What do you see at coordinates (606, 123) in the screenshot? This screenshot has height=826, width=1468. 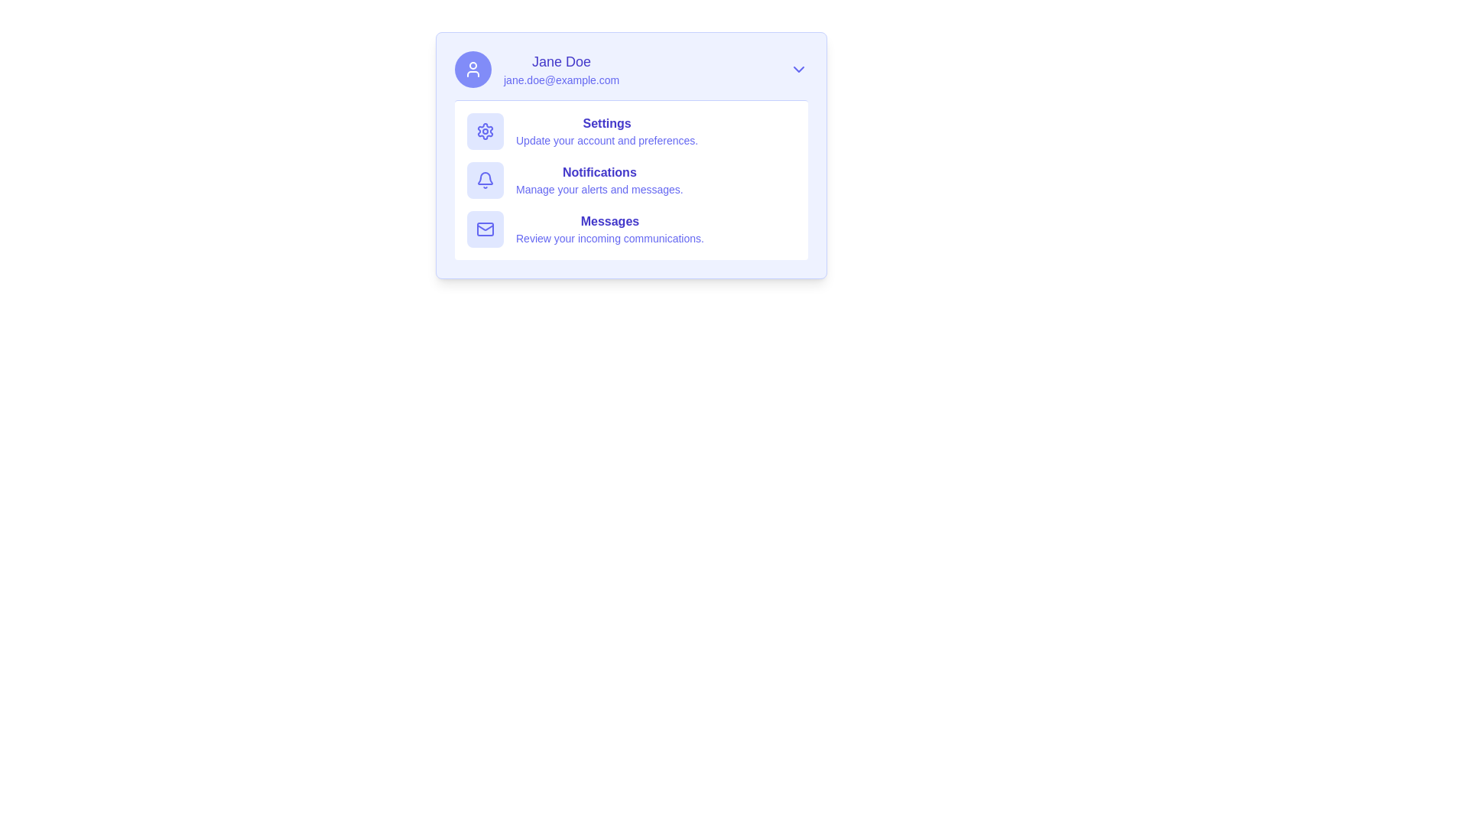 I see `the 'Settings' text label, which is styled with a medium-sized, indigo-colored bold font and is positioned at the top center of the profile settings menu` at bounding box center [606, 123].